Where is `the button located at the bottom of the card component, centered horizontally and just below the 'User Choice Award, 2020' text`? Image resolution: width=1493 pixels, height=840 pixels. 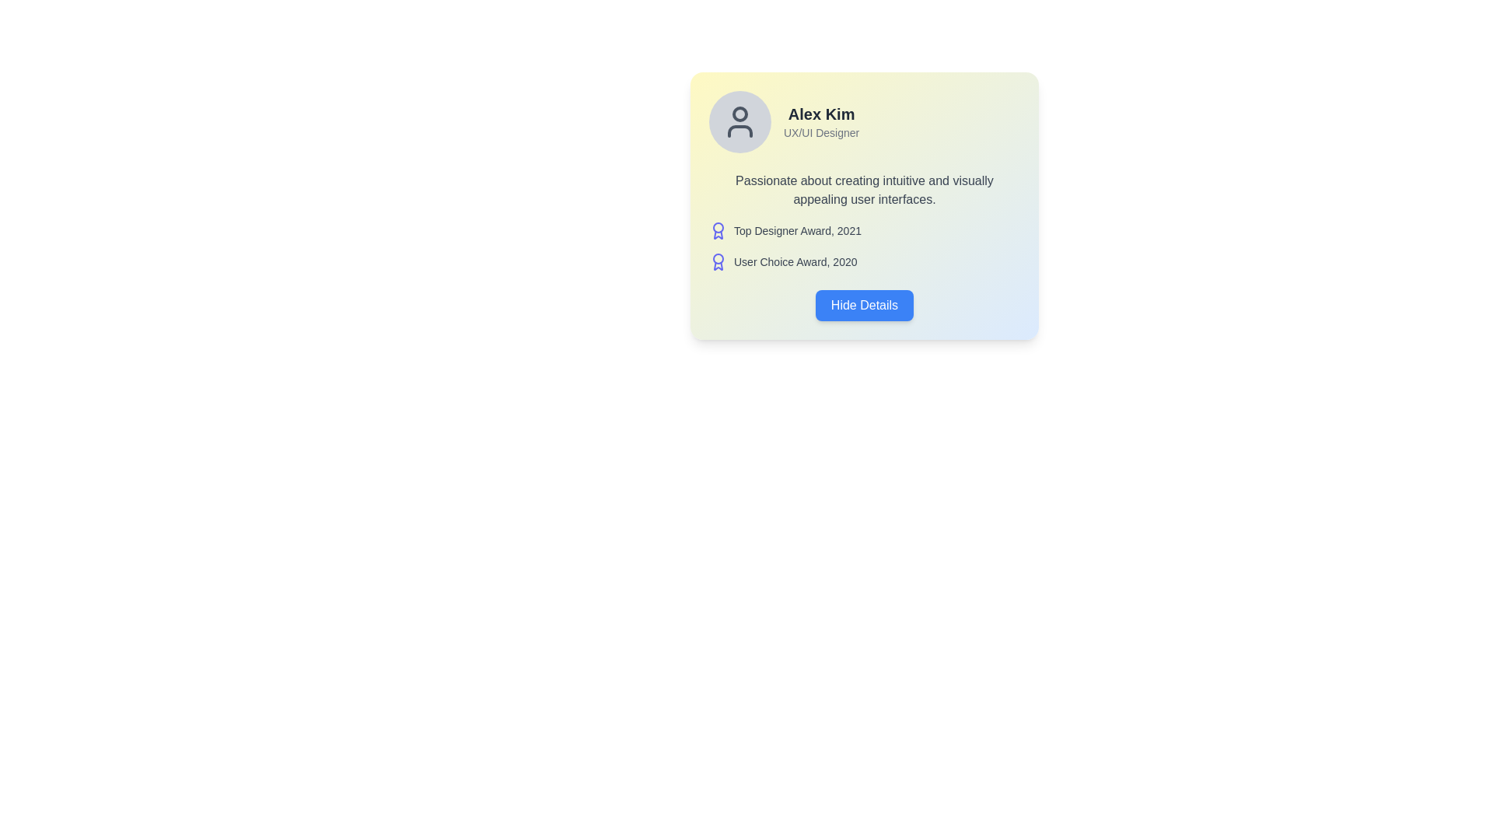
the button located at the bottom of the card component, centered horizontally and just below the 'User Choice Award, 2020' text is located at coordinates (864, 306).